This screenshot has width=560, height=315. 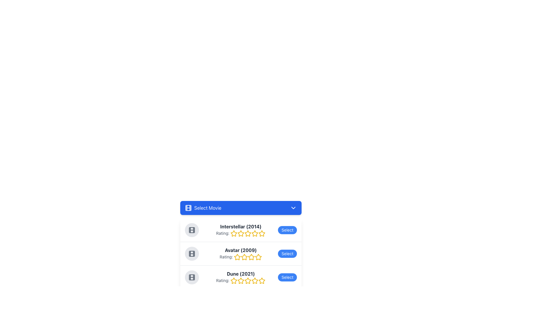 I want to click on fifth star icon in the rating system for the 'Avatar (2009)' movie, which is styled with a yellow outline and is located on the right side of the other stars, so click(x=258, y=257).